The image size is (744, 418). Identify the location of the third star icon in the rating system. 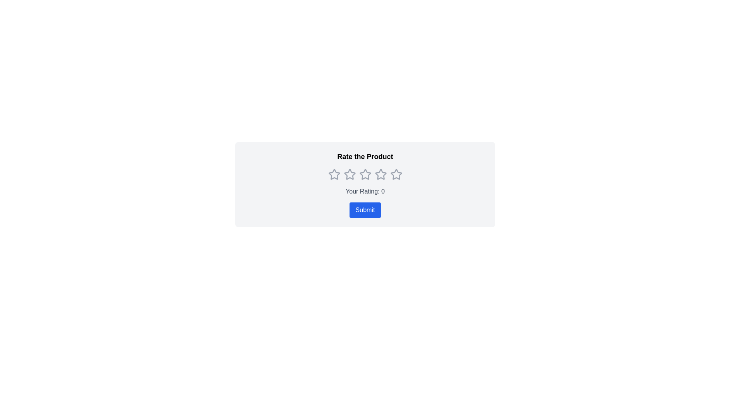
(365, 175).